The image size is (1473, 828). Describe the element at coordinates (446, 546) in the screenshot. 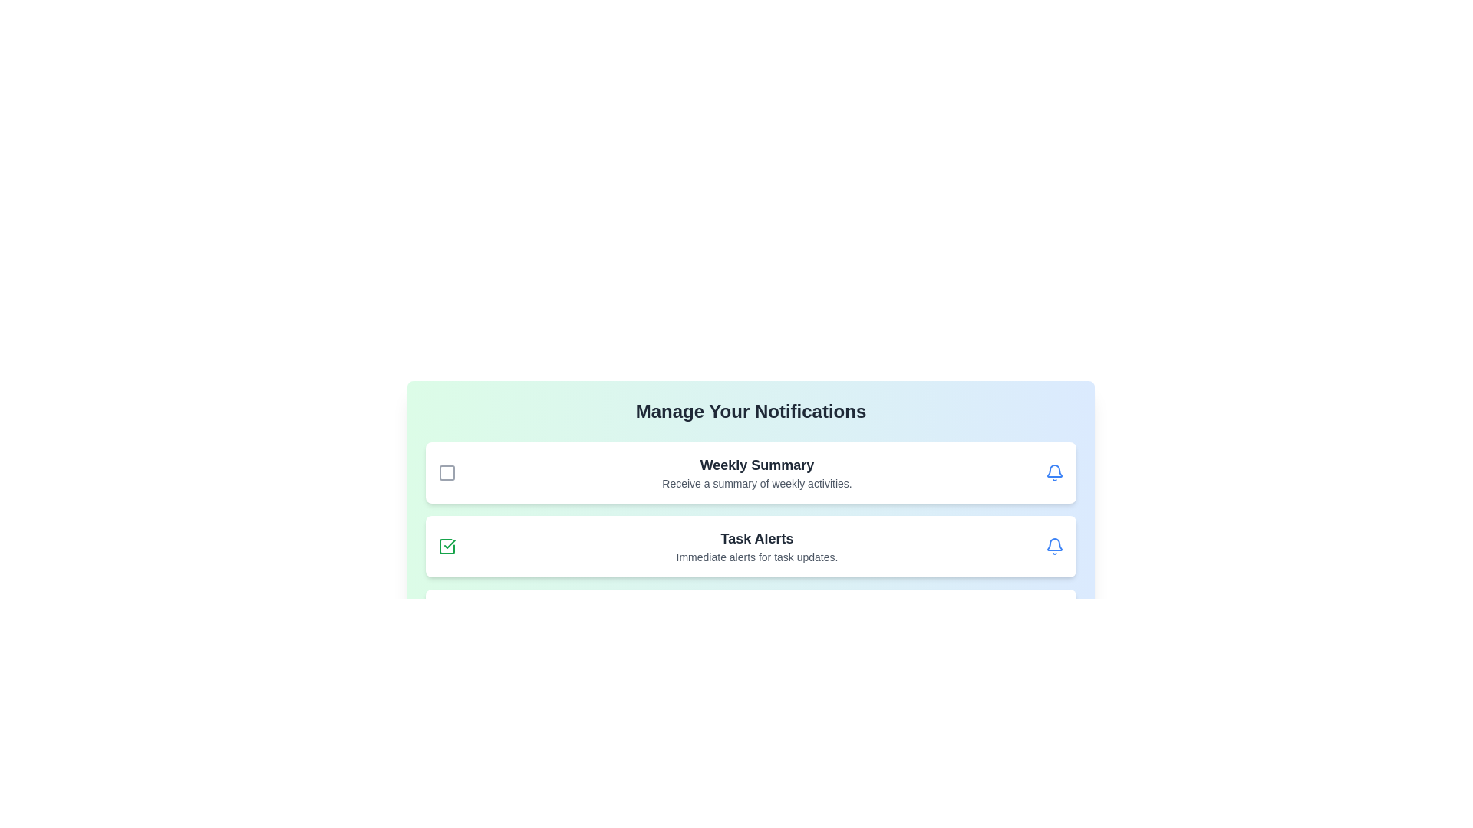

I see `the 'Task Alerts' status icon, which indicates that the feature is enabled and is part of the checkbox control group located below the 'Weekly Summary' row` at that location.